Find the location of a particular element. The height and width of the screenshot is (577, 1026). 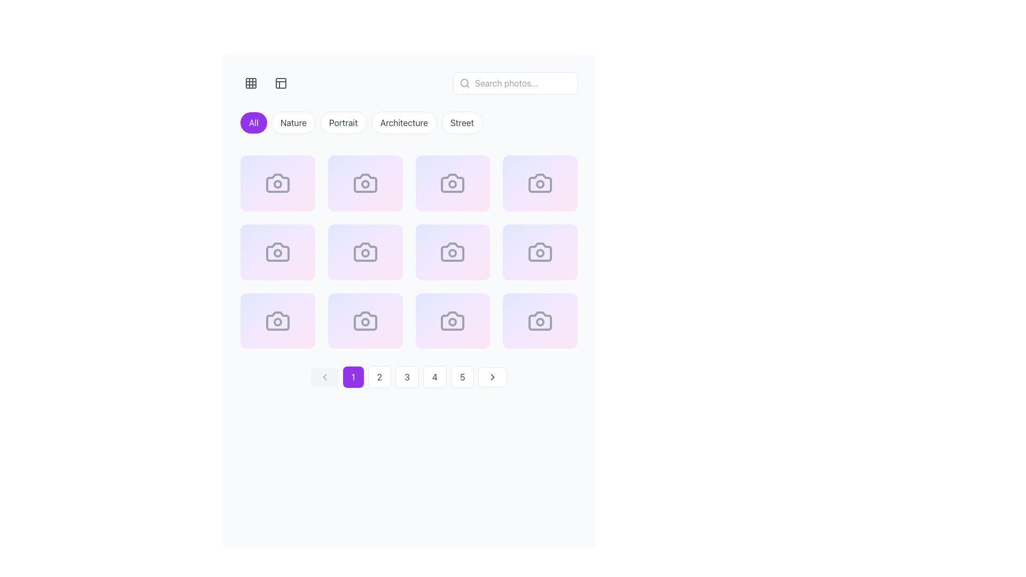

the grid item displaying 'Photograph #11' with a camera icon is located at coordinates (453, 321).